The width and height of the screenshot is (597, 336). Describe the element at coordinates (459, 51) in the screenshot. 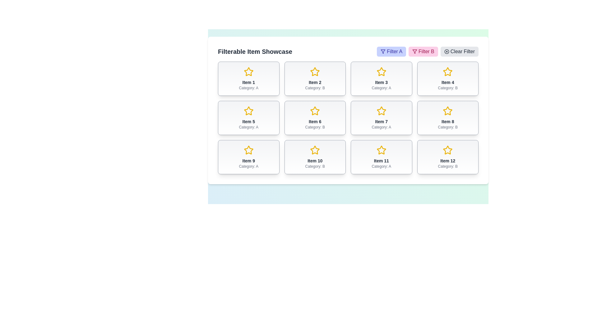

I see `the clear filters button located in the top-right corner of the filter button group, which is the third button after 'Filter A' and 'Filter B'` at that location.